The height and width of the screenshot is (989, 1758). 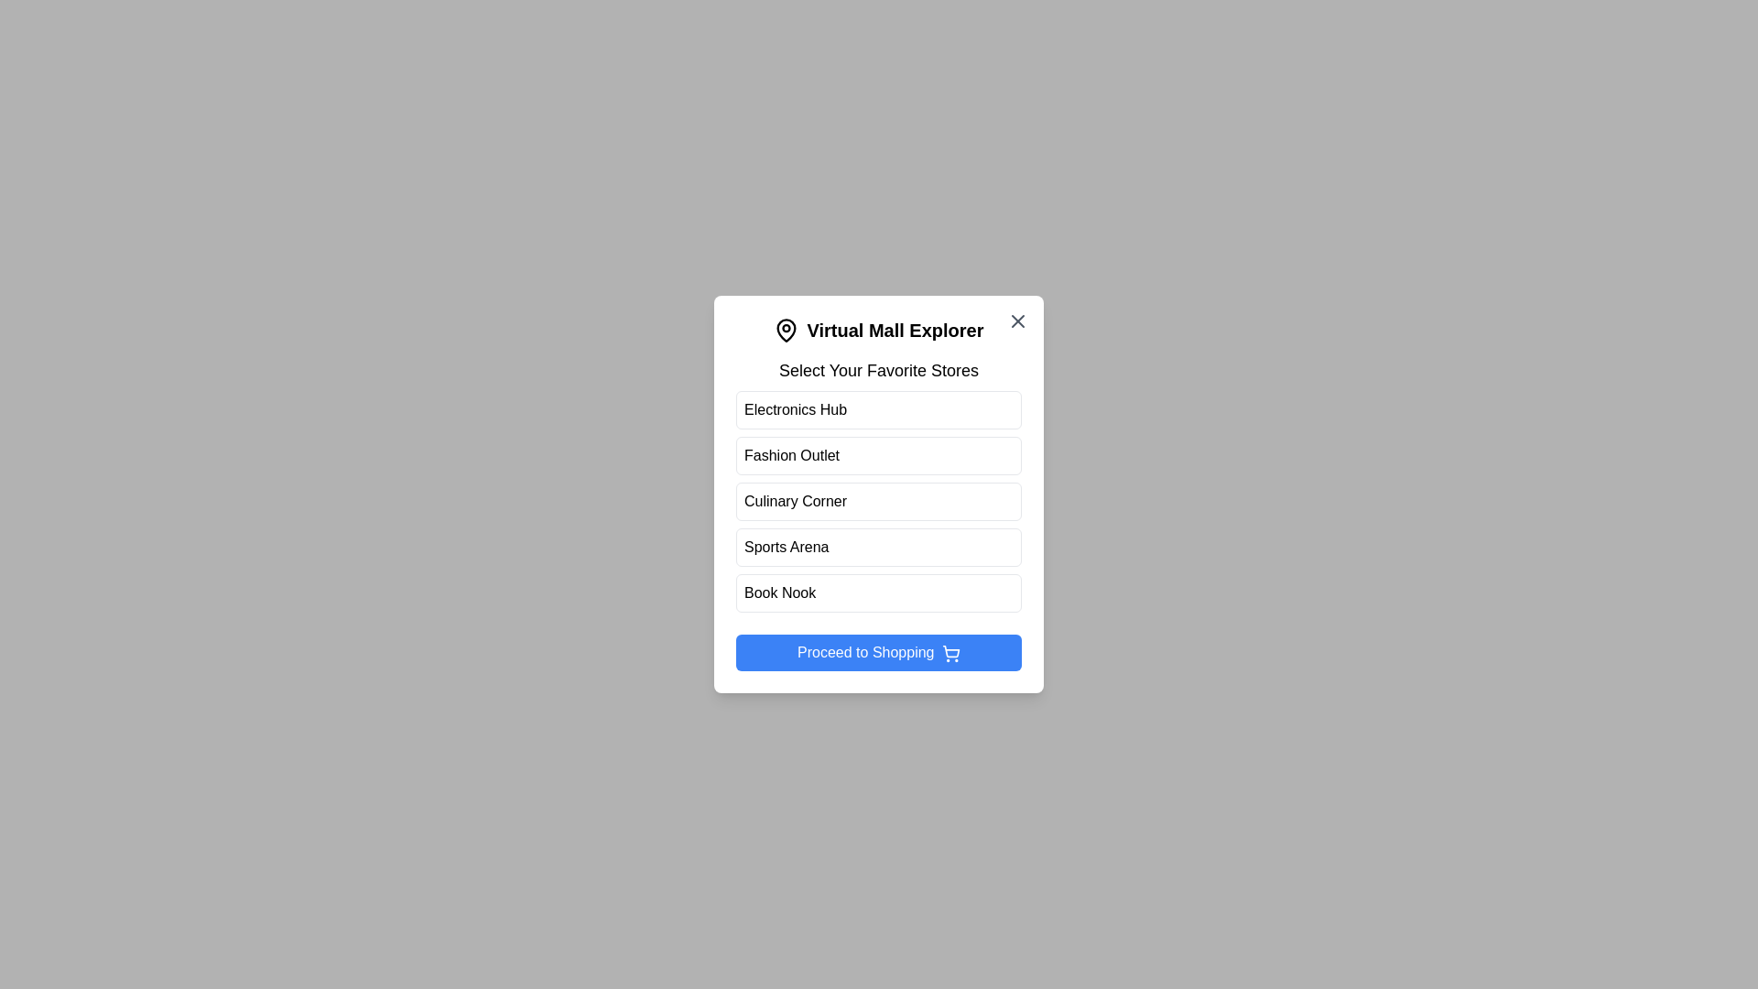 I want to click on the shopping cart icon component located near the right edge of the blue 'Proceed to Shopping' button at the bottom of the modal interface, so click(x=950, y=650).